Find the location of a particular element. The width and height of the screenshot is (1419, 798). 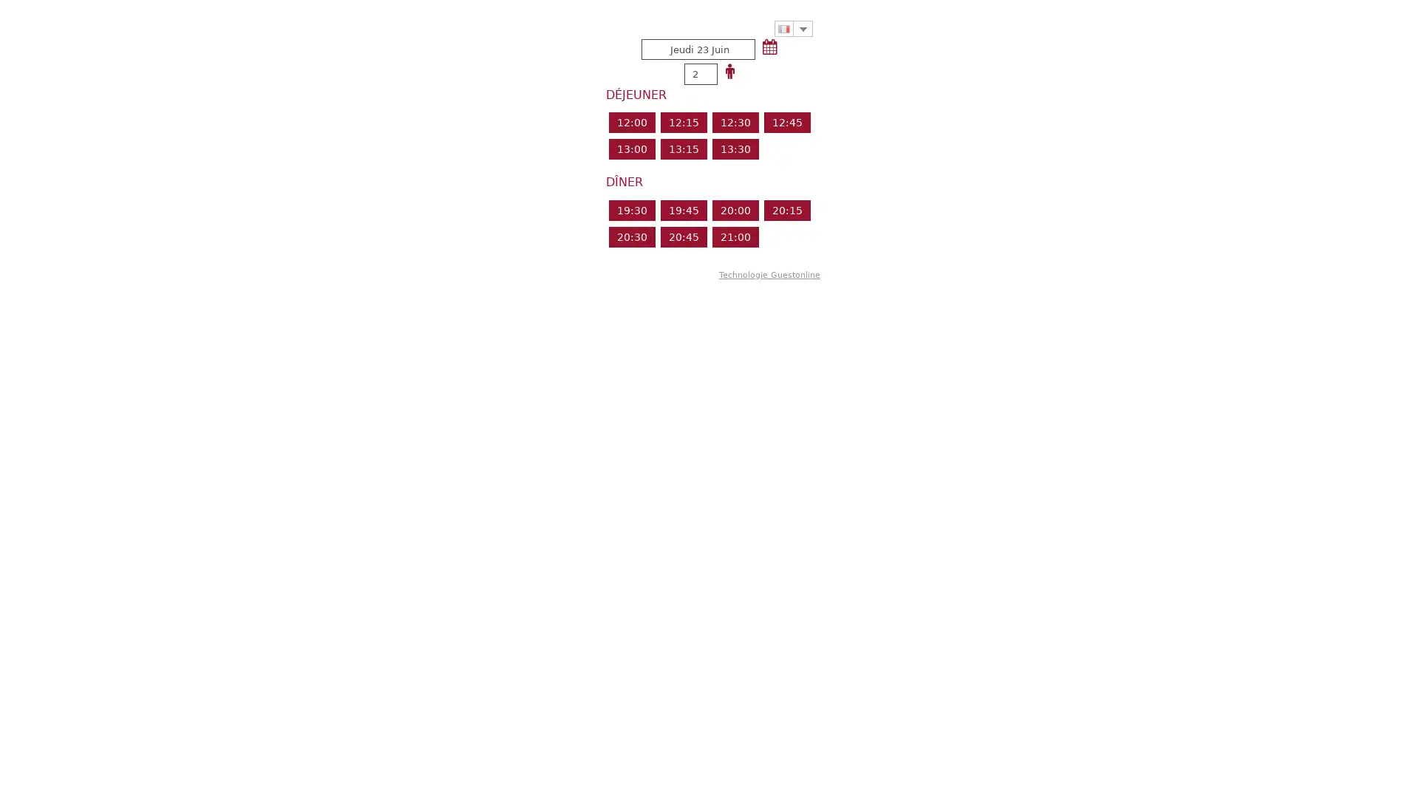

13:00 is located at coordinates (631, 149).